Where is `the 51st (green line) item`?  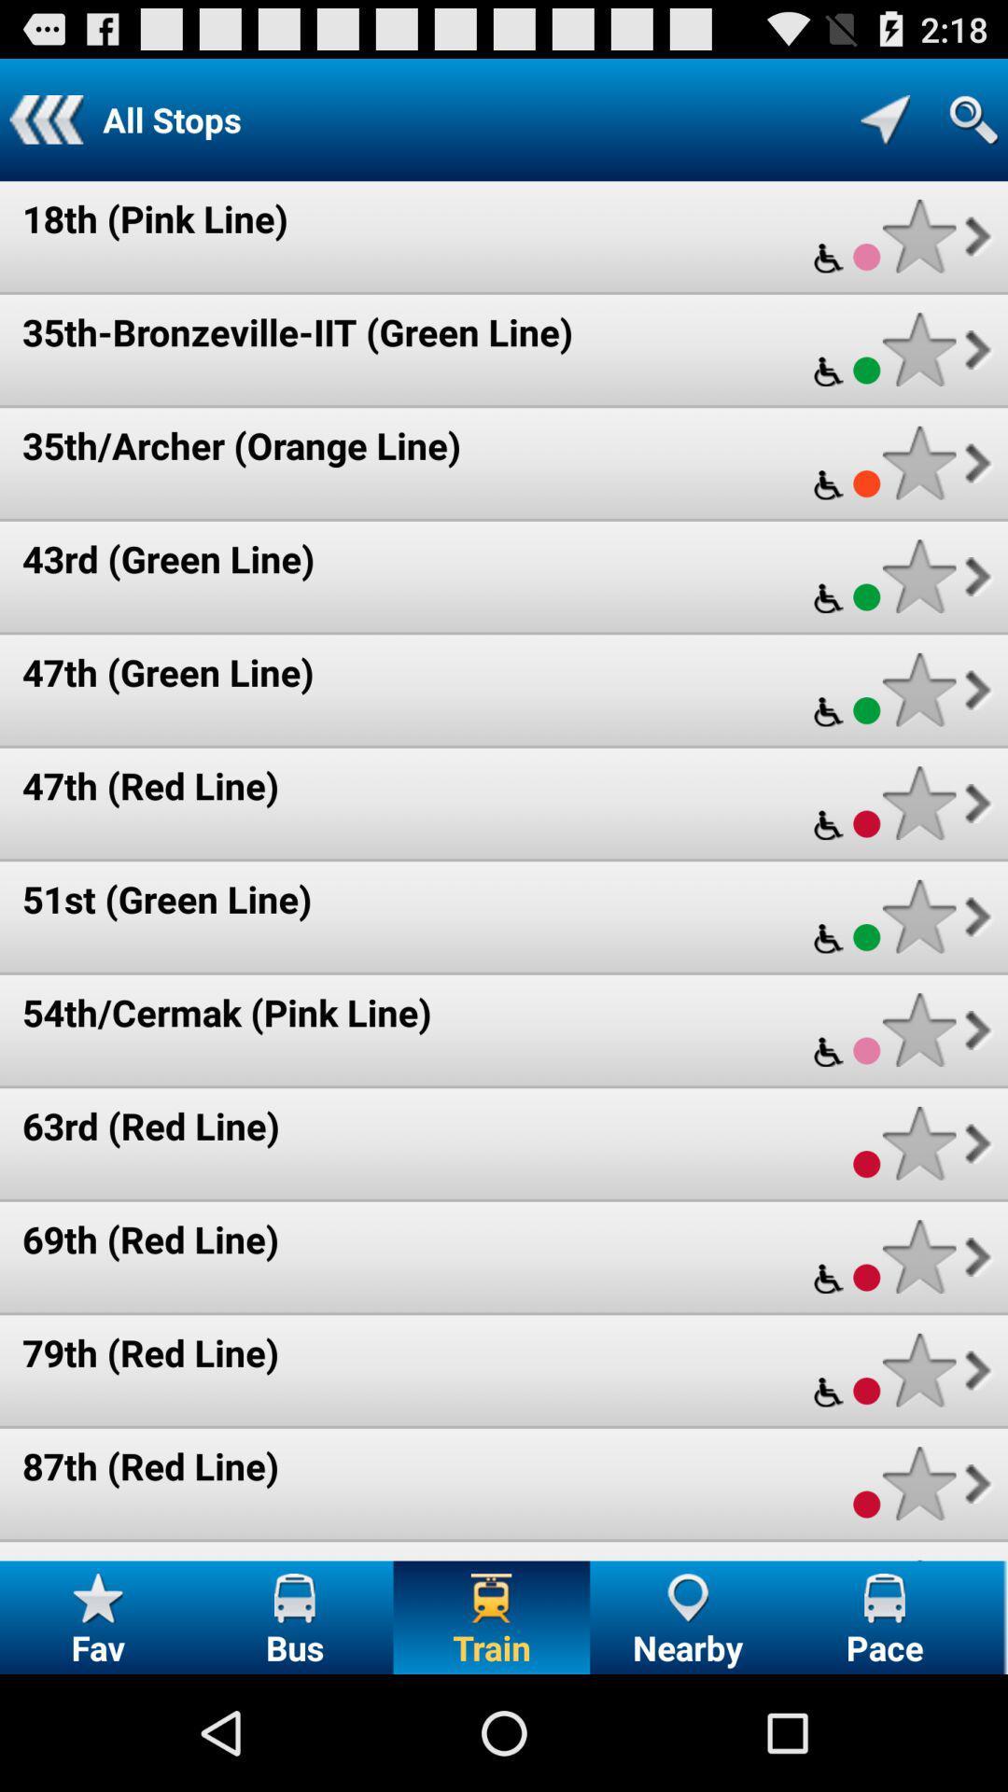 the 51st (green line) item is located at coordinates (166, 899).